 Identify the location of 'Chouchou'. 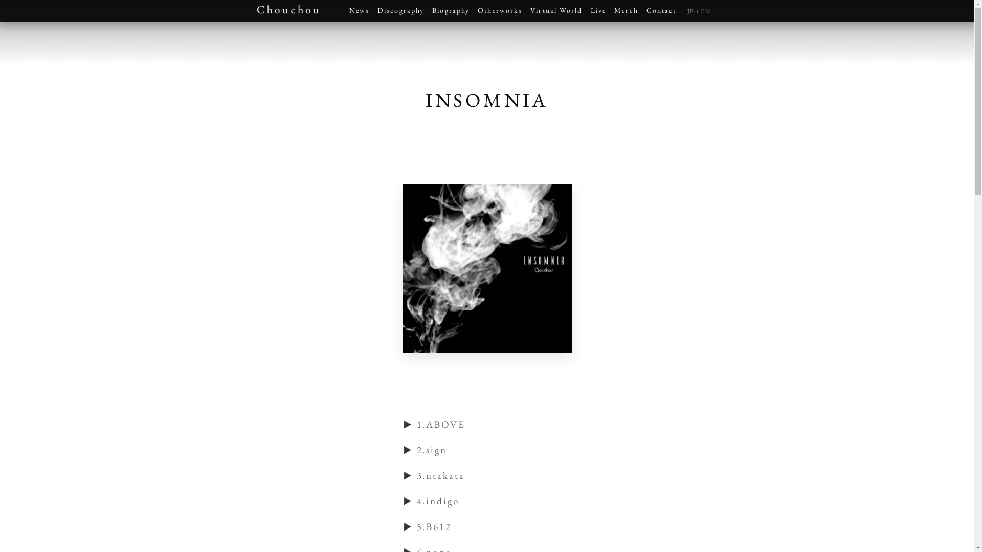
(257, 9).